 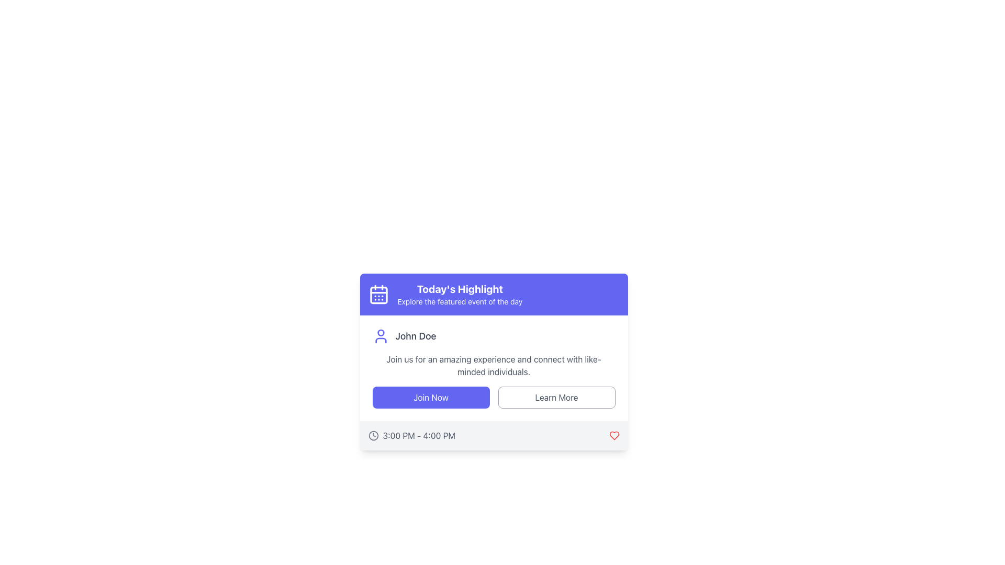 What do you see at coordinates (378, 295) in the screenshot?
I see `the calendar icon located at the top left corner of the 'Today's Highlight' box, which symbolizes event scheduling` at bounding box center [378, 295].